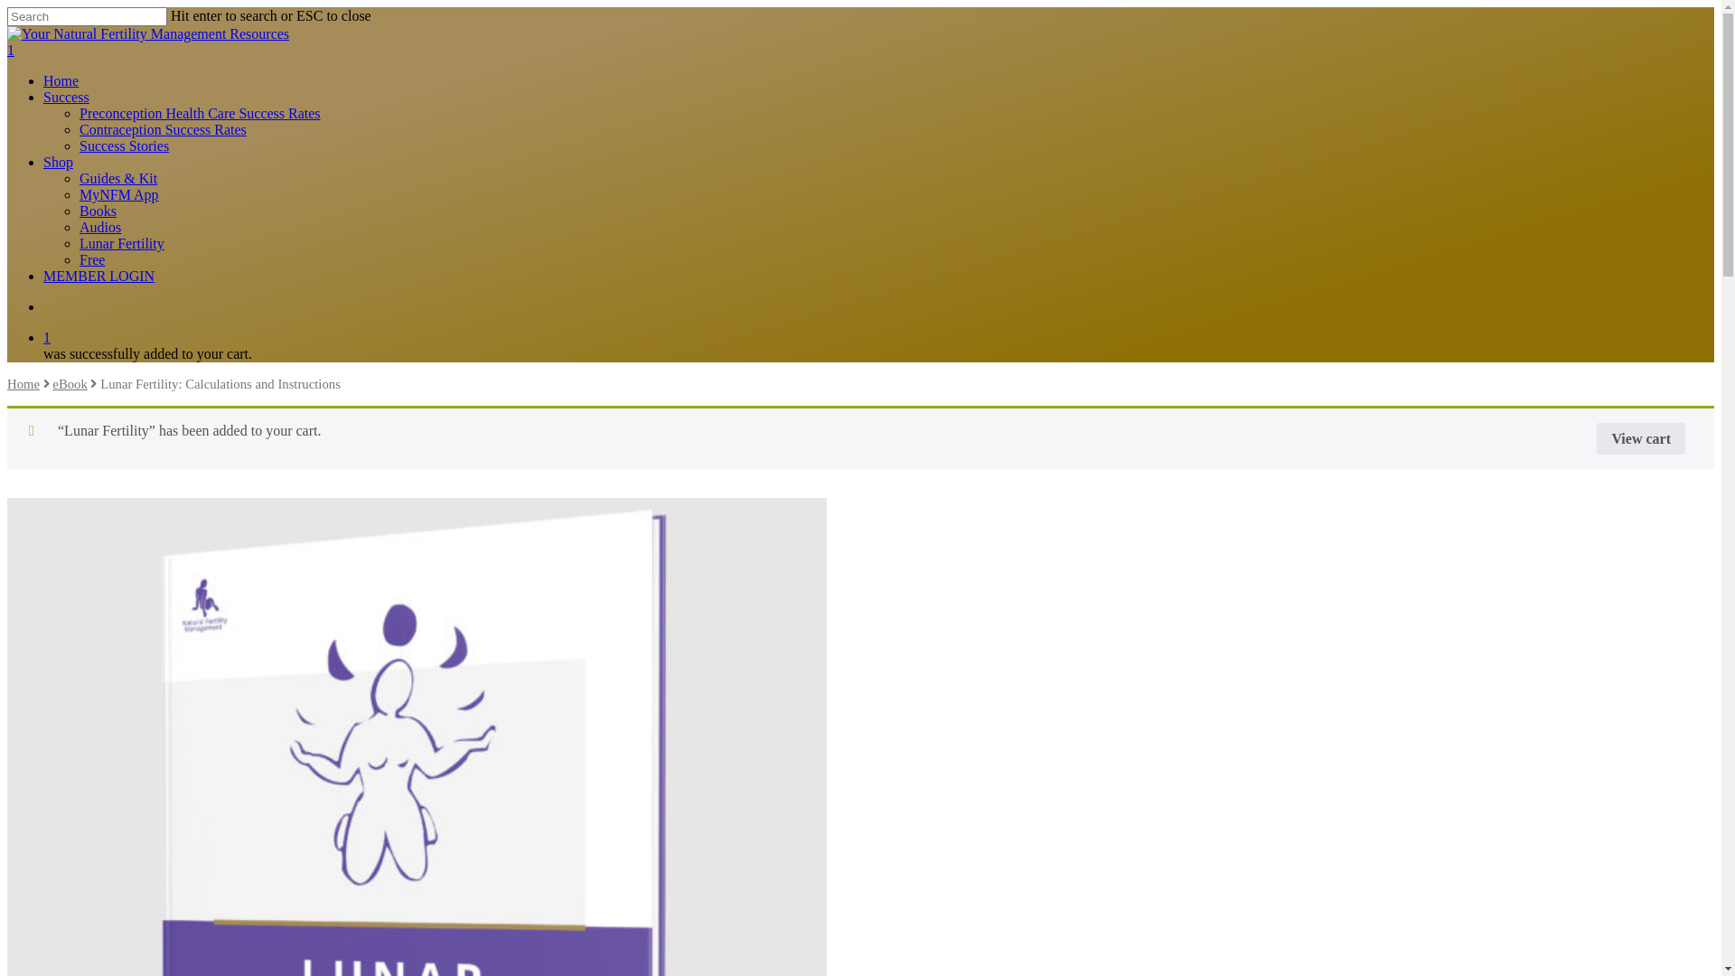 Image resolution: width=1735 pixels, height=976 pixels. I want to click on 'Success Stories', so click(78, 145).